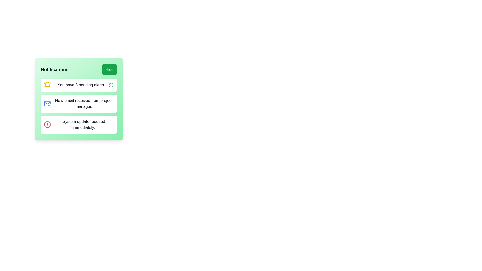  What do you see at coordinates (78, 103) in the screenshot?
I see `text content of the second notification entry about the newly received email from the project manager, which is located below 'You have 3 pending alerts.' and above 'System update required immediately.'` at bounding box center [78, 103].